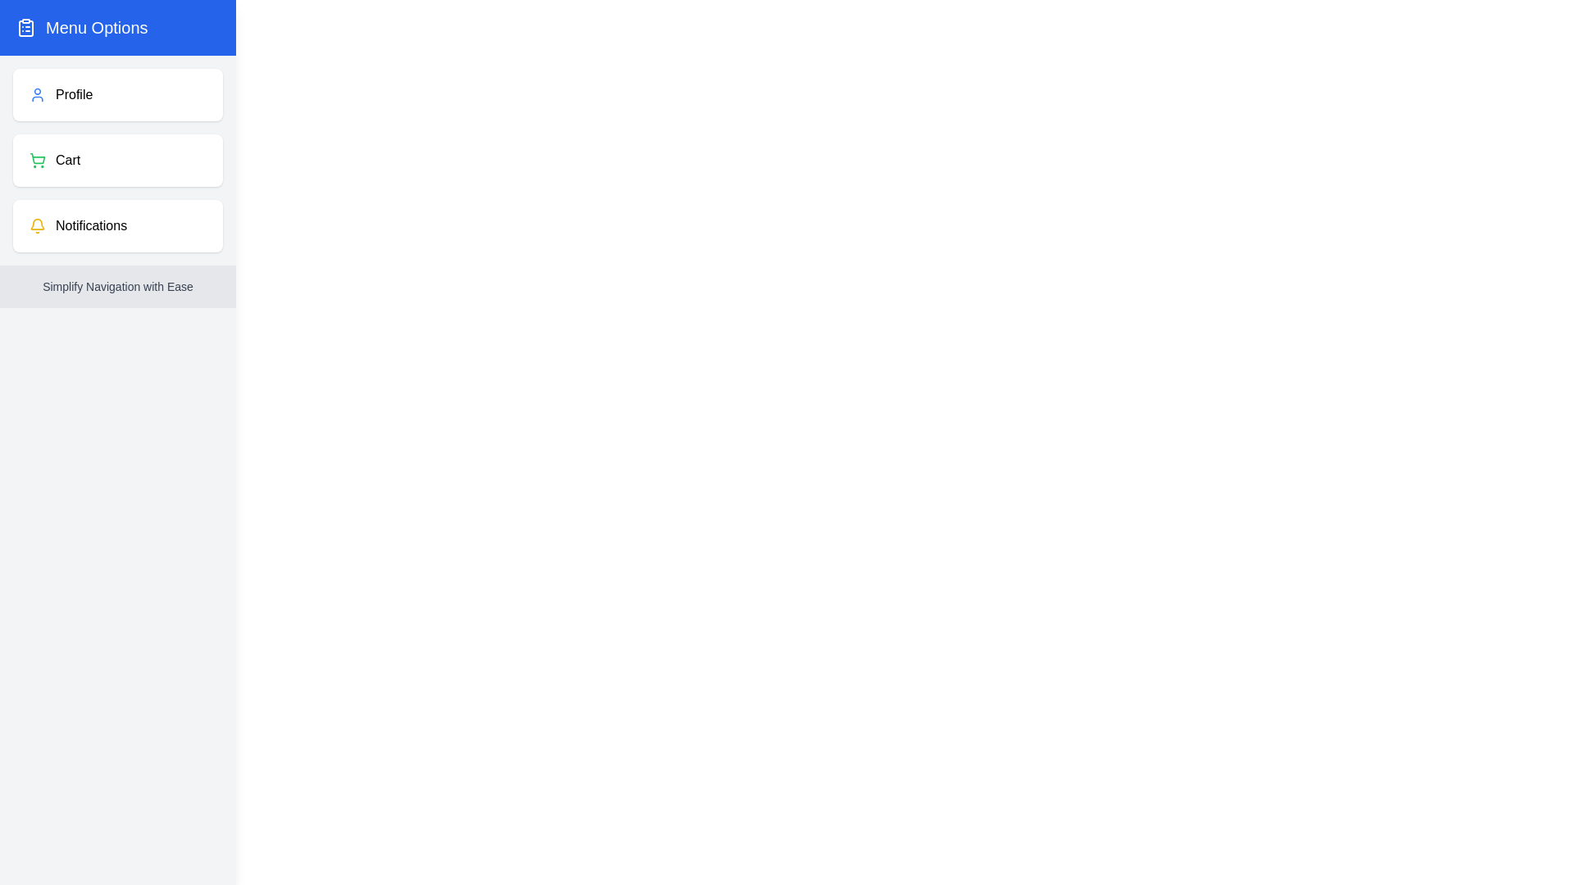 The width and height of the screenshot is (1574, 885). What do you see at coordinates (117, 161) in the screenshot?
I see `the 'Cart' option in the drawer menu` at bounding box center [117, 161].